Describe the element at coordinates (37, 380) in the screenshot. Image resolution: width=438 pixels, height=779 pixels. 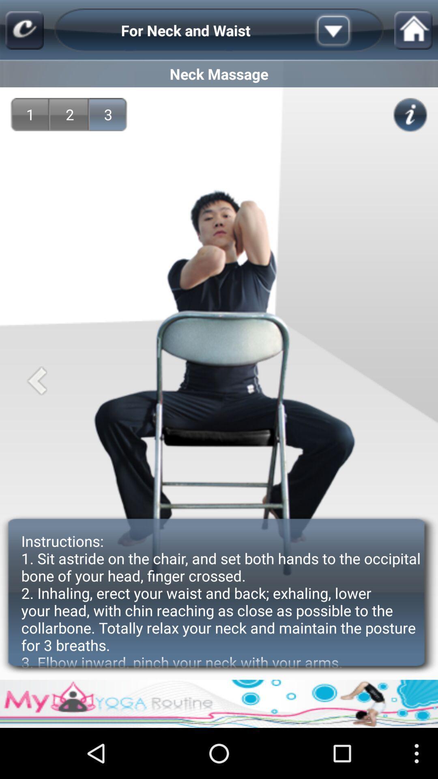
I see `the item on the left` at that location.